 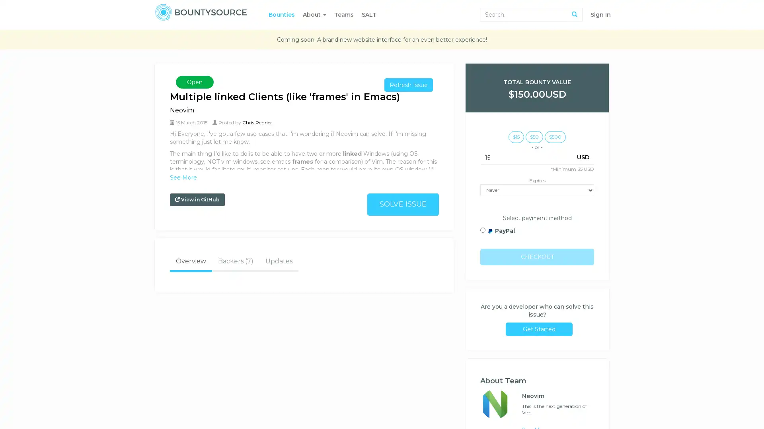 What do you see at coordinates (539, 329) in the screenshot?
I see `Get Started` at bounding box center [539, 329].